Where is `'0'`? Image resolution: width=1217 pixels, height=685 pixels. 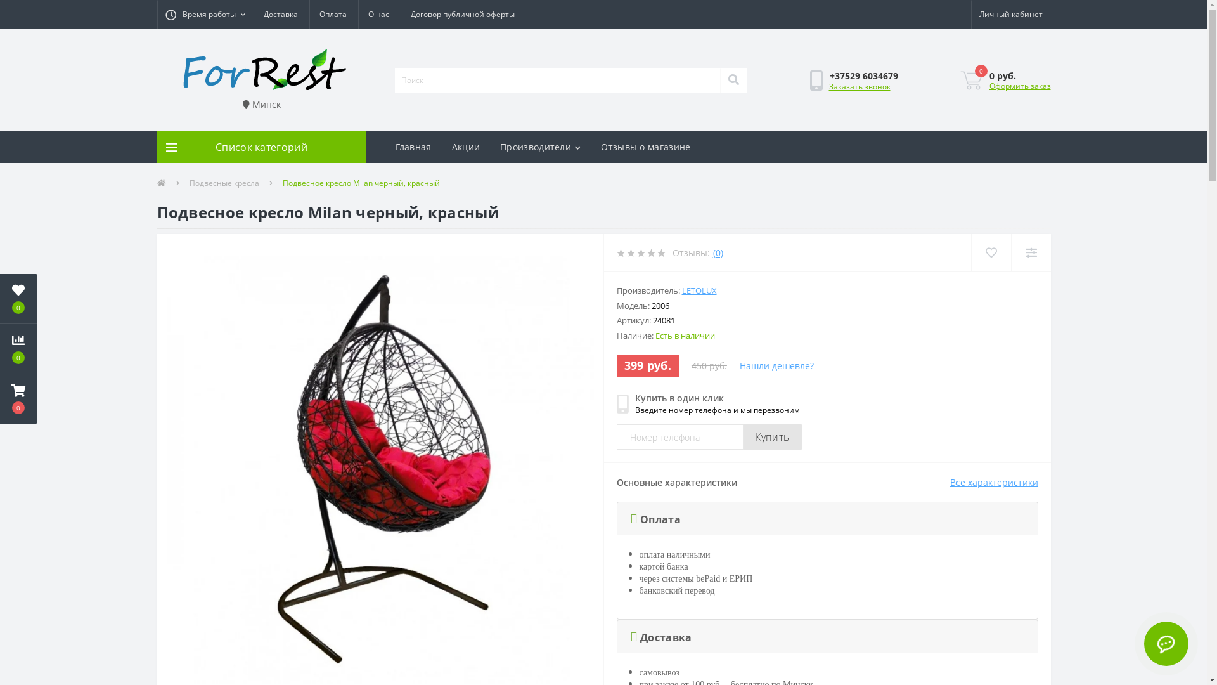
'0' is located at coordinates (0, 298).